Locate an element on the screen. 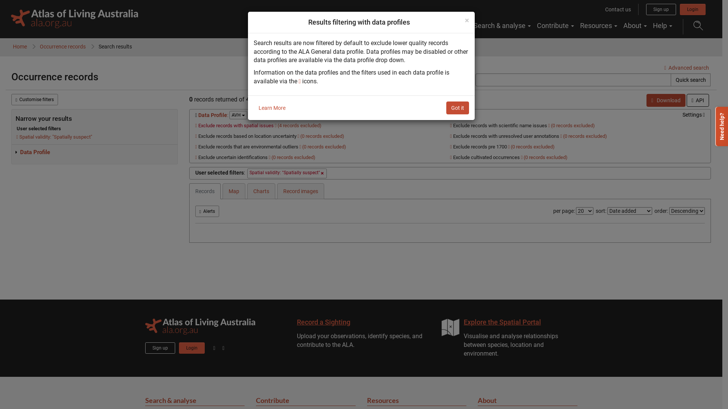 Image resolution: width=728 pixels, height=409 pixels. 'Home' is located at coordinates (20, 47).